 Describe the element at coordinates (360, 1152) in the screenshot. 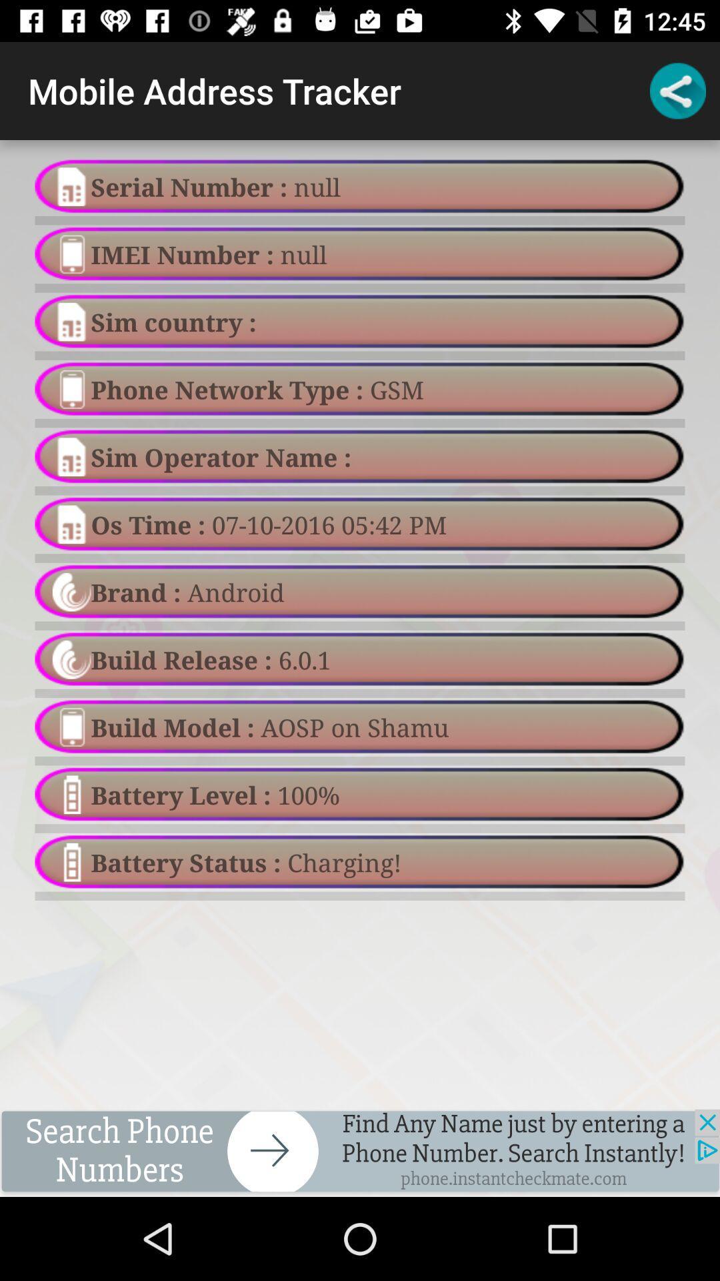

I see `advertisement for phone numbers` at that location.